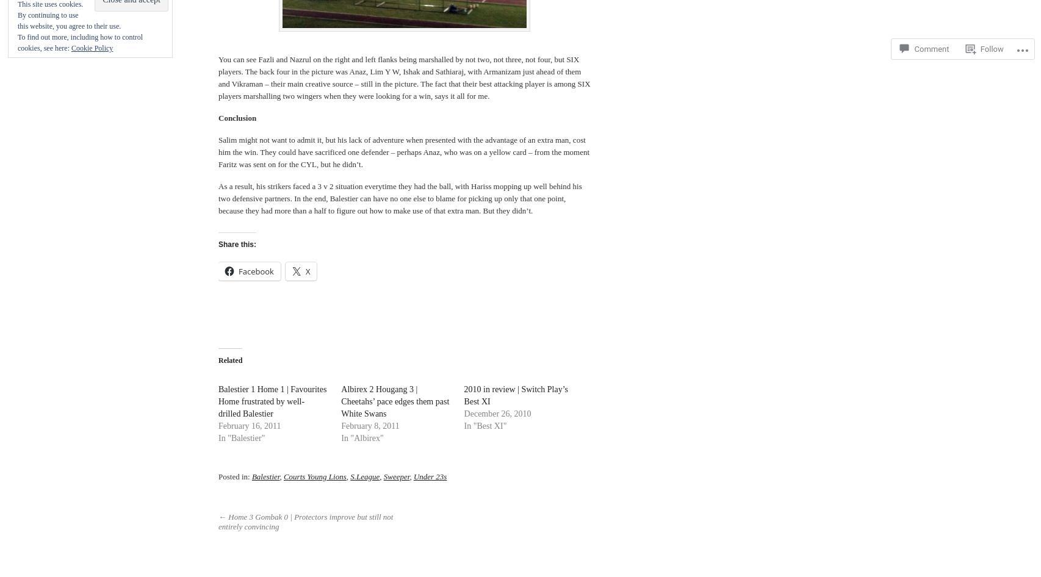 The width and height of the screenshot is (1041, 577). What do you see at coordinates (305, 521) in the screenshot?
I see `'← Home 3 Gombak 0 | Protectors improve but still not entirely convincing'` at bounding box center [305, 521].